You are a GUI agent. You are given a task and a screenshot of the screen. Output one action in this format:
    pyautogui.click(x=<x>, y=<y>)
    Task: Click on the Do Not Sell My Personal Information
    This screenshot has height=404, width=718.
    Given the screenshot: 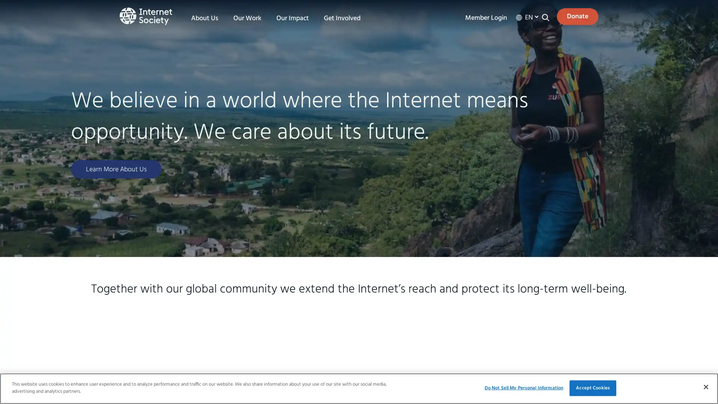 What is the action you would take?
    pyautogui.click(x=523, y=388)
    